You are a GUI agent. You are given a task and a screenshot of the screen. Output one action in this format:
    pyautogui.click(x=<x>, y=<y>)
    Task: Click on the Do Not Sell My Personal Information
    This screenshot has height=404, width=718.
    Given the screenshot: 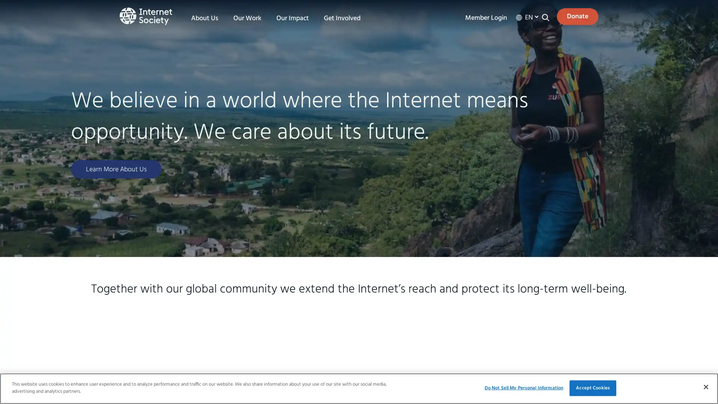 What is the action you would take?
    pyautogui.click(x=523, y=388)
    